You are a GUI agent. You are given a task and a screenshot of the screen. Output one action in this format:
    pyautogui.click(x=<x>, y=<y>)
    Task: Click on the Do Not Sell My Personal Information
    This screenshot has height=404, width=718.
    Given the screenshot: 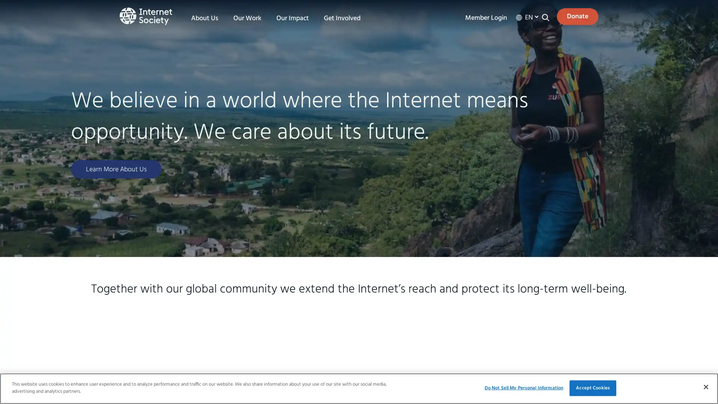 What is the action you would take?
    pyautogui.click(x=523, y=388)
    